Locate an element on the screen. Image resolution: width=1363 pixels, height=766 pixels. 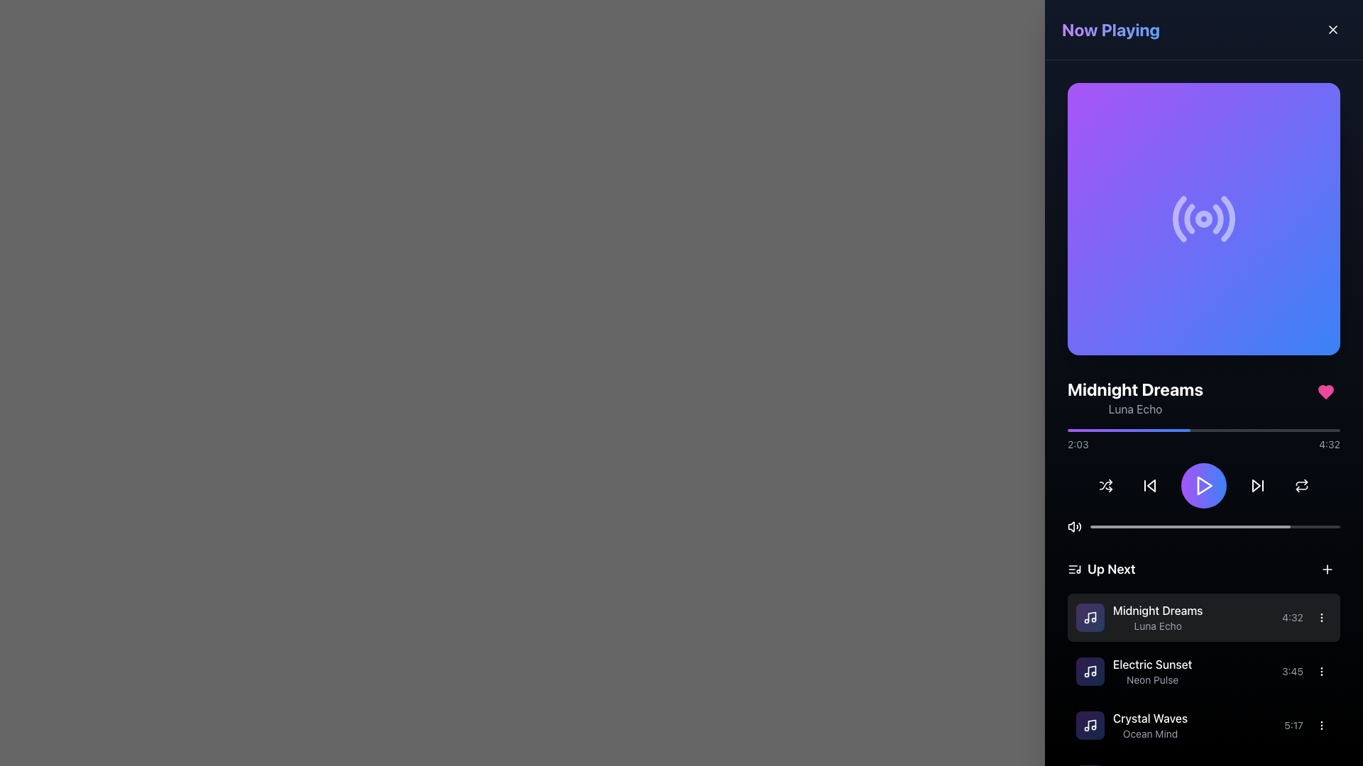
the radio icon composed of concentric circles and curved lines, which is rendered in white with partial transparency and is located at the center of a square card in the 'Now Playing' section of the UI is located at coordinates (1203, 218).